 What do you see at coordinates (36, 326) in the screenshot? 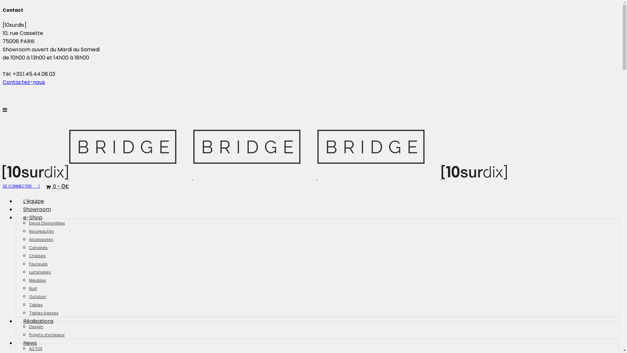
I see `'Design'` at bounding box center [36, 326].